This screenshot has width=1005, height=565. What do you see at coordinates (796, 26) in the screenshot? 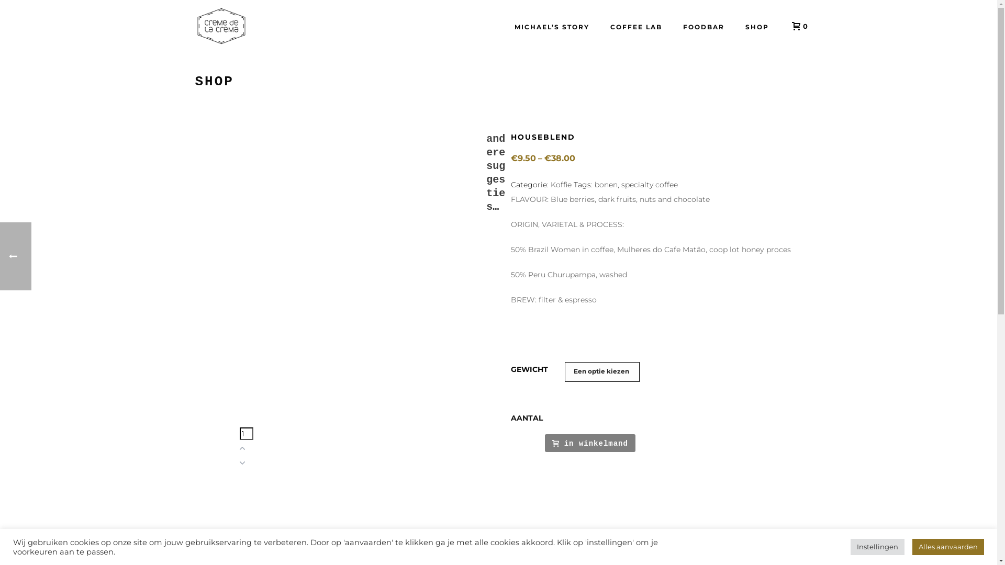
I see `'0'` at bounding box center [796, 26].